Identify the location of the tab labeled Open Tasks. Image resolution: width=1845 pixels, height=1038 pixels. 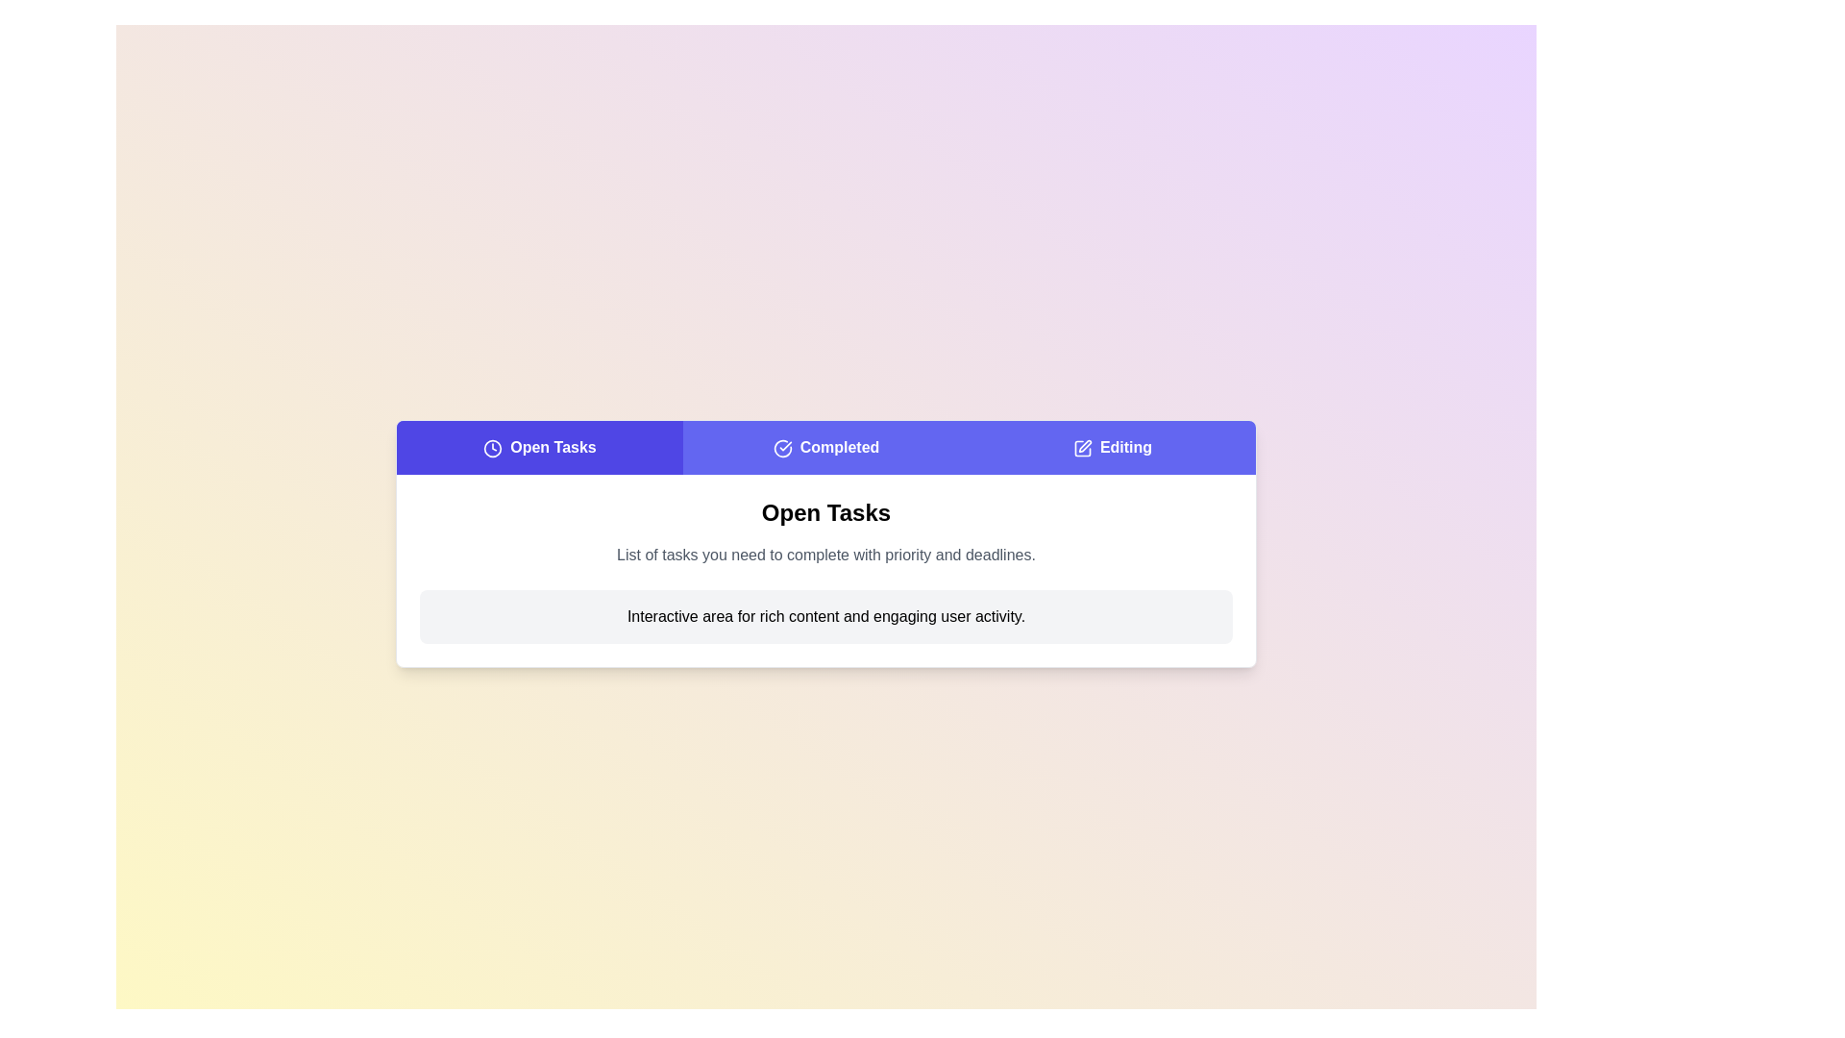
(538, 448).